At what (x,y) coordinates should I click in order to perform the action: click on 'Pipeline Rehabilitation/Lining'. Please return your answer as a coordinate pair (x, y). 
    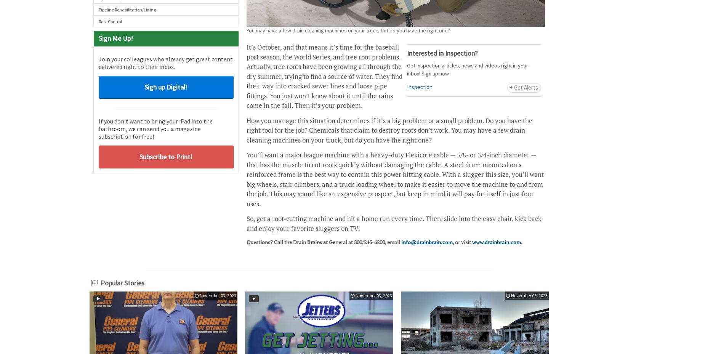
    Looking at the image, I should click on (127, 9).